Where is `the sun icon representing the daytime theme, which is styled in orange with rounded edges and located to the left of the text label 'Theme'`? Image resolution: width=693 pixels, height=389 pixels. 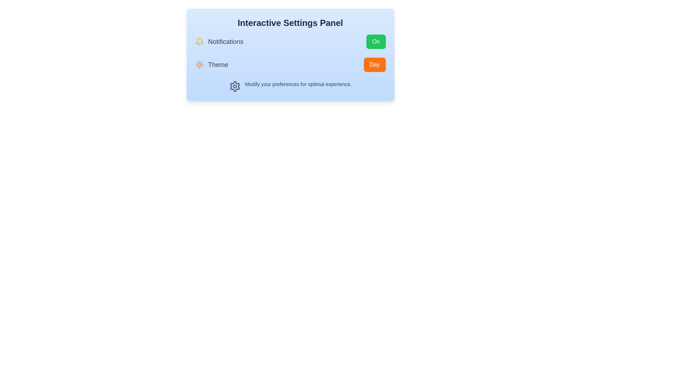
the sun icon representing the daytime theme, which is styled in orange with rounded edges and located to the left of the text label 'Theme' is located at coordinates (199, 65).